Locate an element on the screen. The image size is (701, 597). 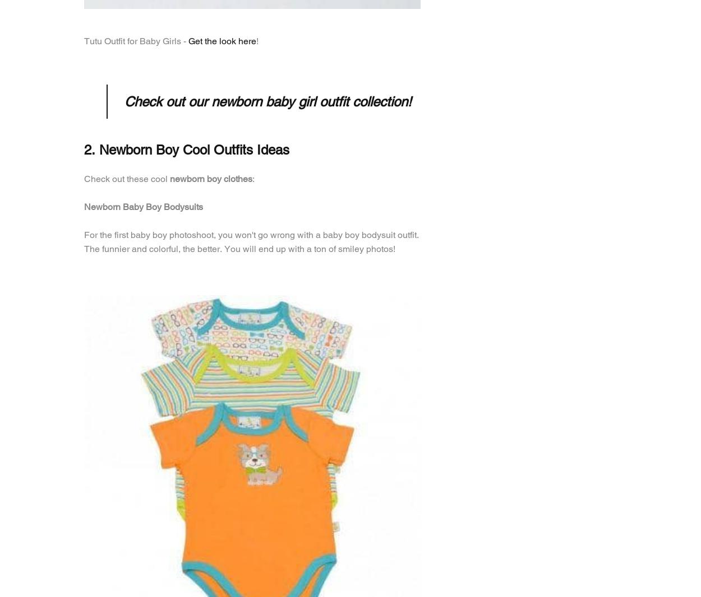
'Get the look here' is located at coordinates (222, 40).